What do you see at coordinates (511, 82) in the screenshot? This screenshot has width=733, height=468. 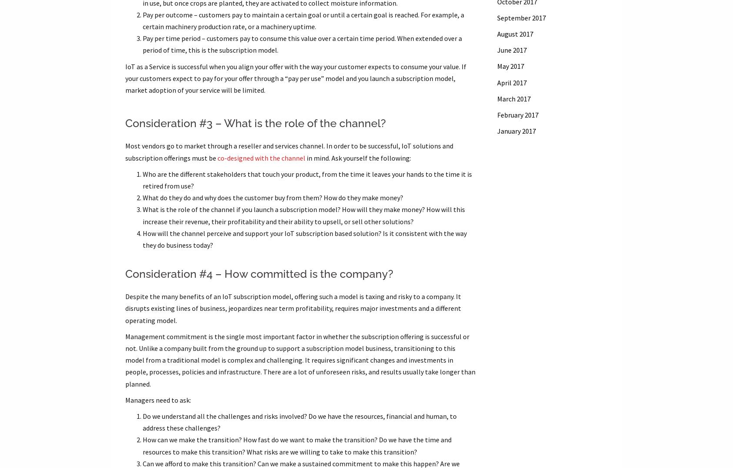 I see `'April 2017'` at bounding box center [511, 82].